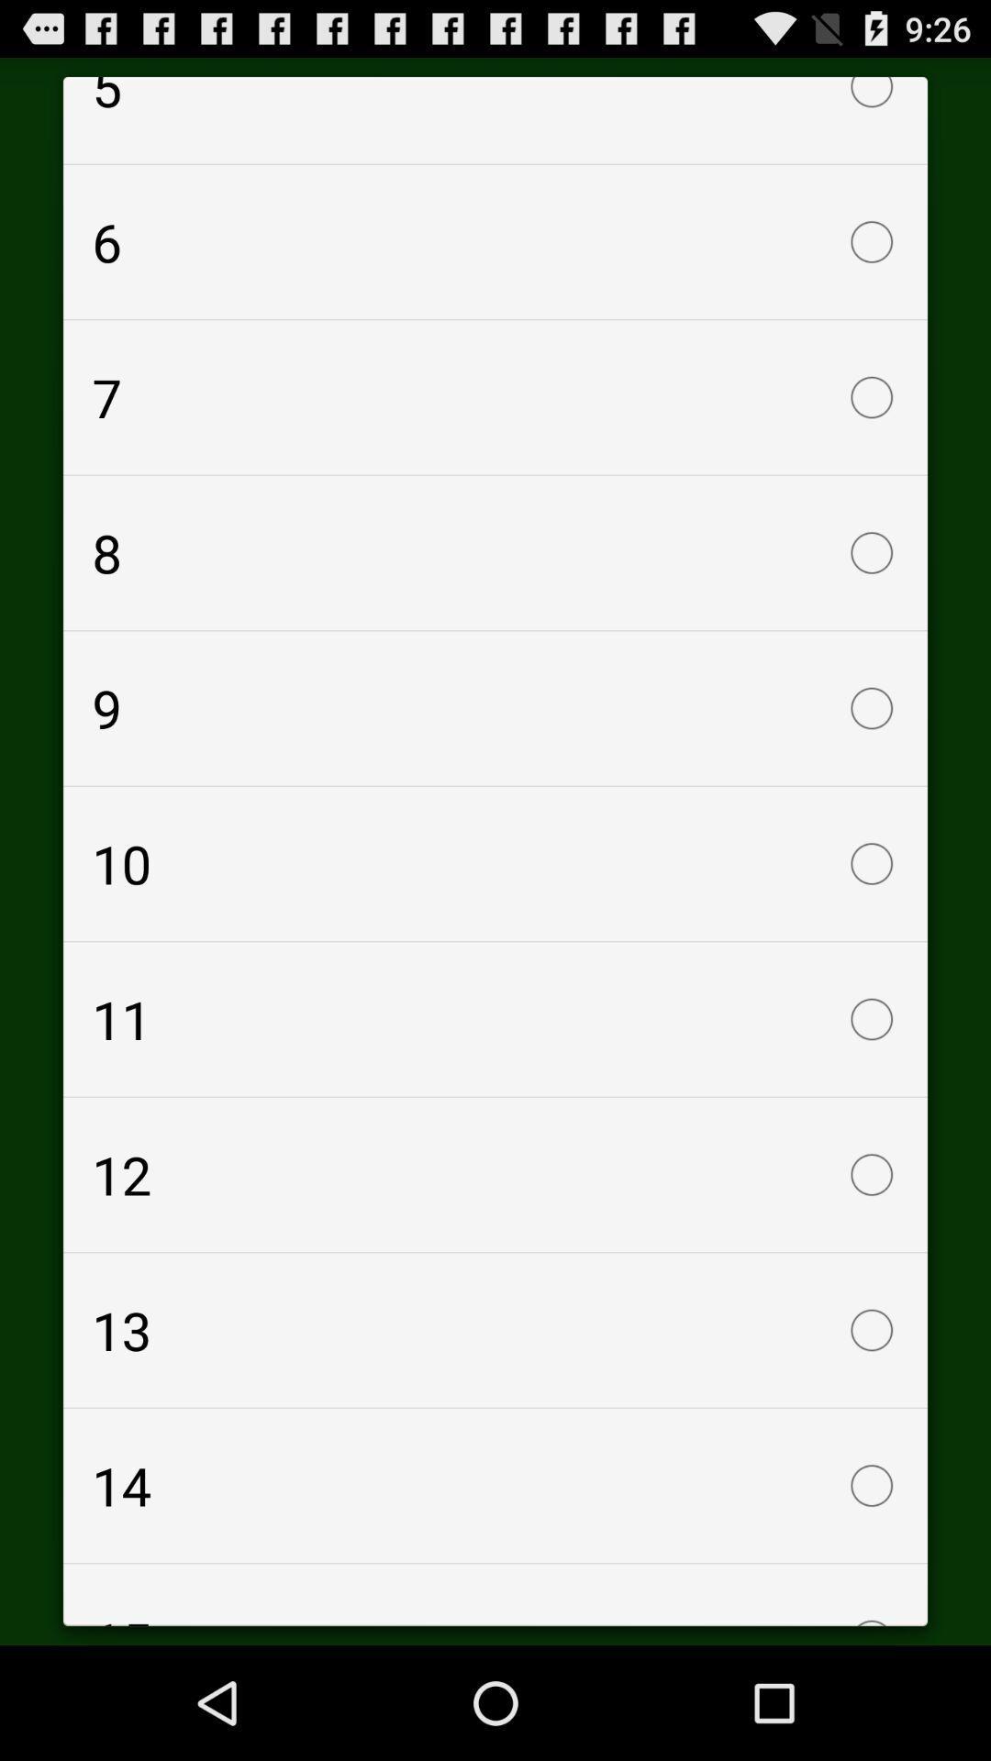  Describe the element at coordinates (495, 1330) in the screenshot. I see `item below 12 icon` at that location.